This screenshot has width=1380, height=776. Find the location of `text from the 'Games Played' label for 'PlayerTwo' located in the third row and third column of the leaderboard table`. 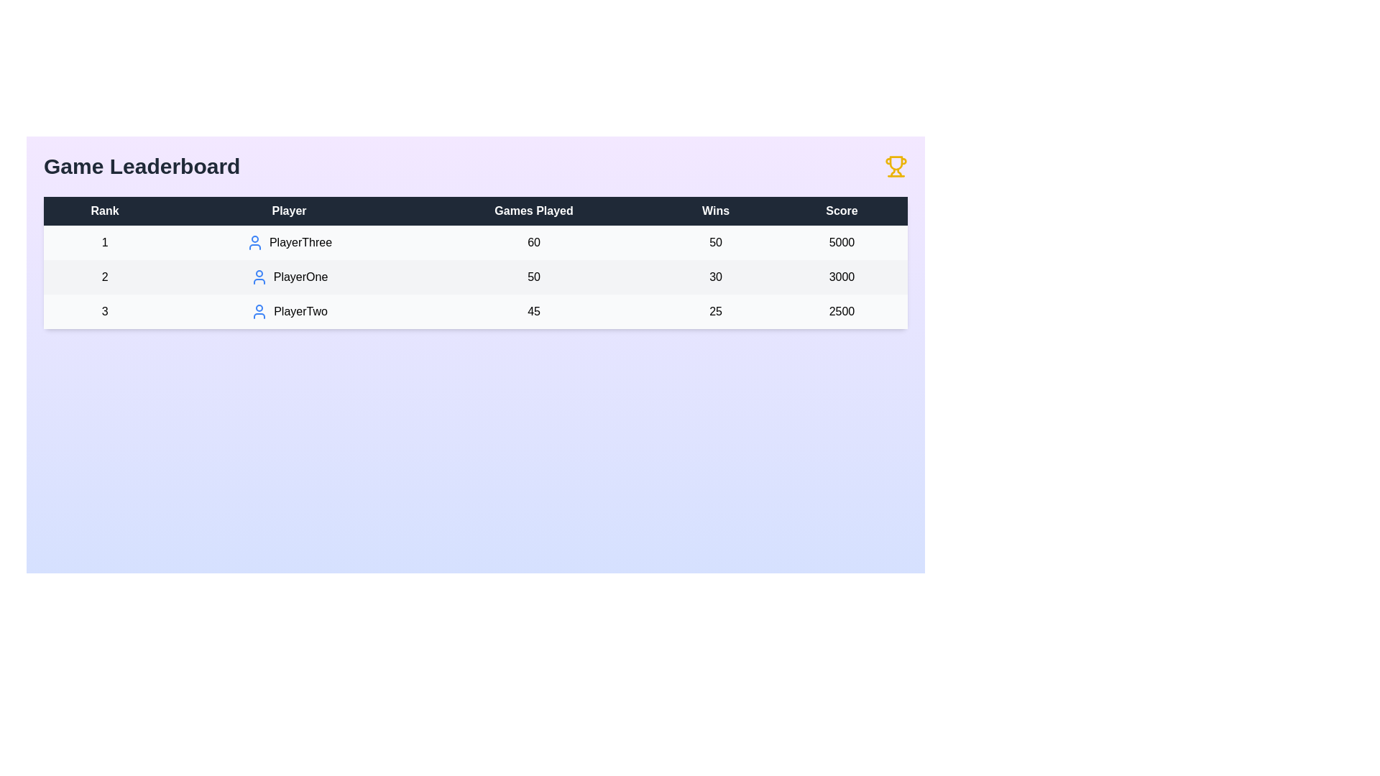

text from the 'Games Played' label for 'PlayerTwo' located in the third row and third column of the leaderboard table is located at coordinates (533, 311).